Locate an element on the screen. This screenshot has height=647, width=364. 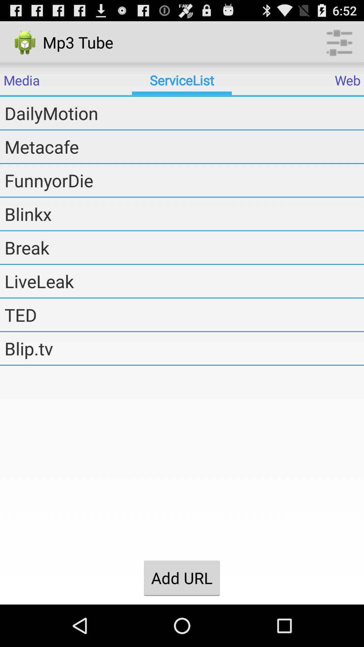
the blinkx item is located at coordinates (184, 213).